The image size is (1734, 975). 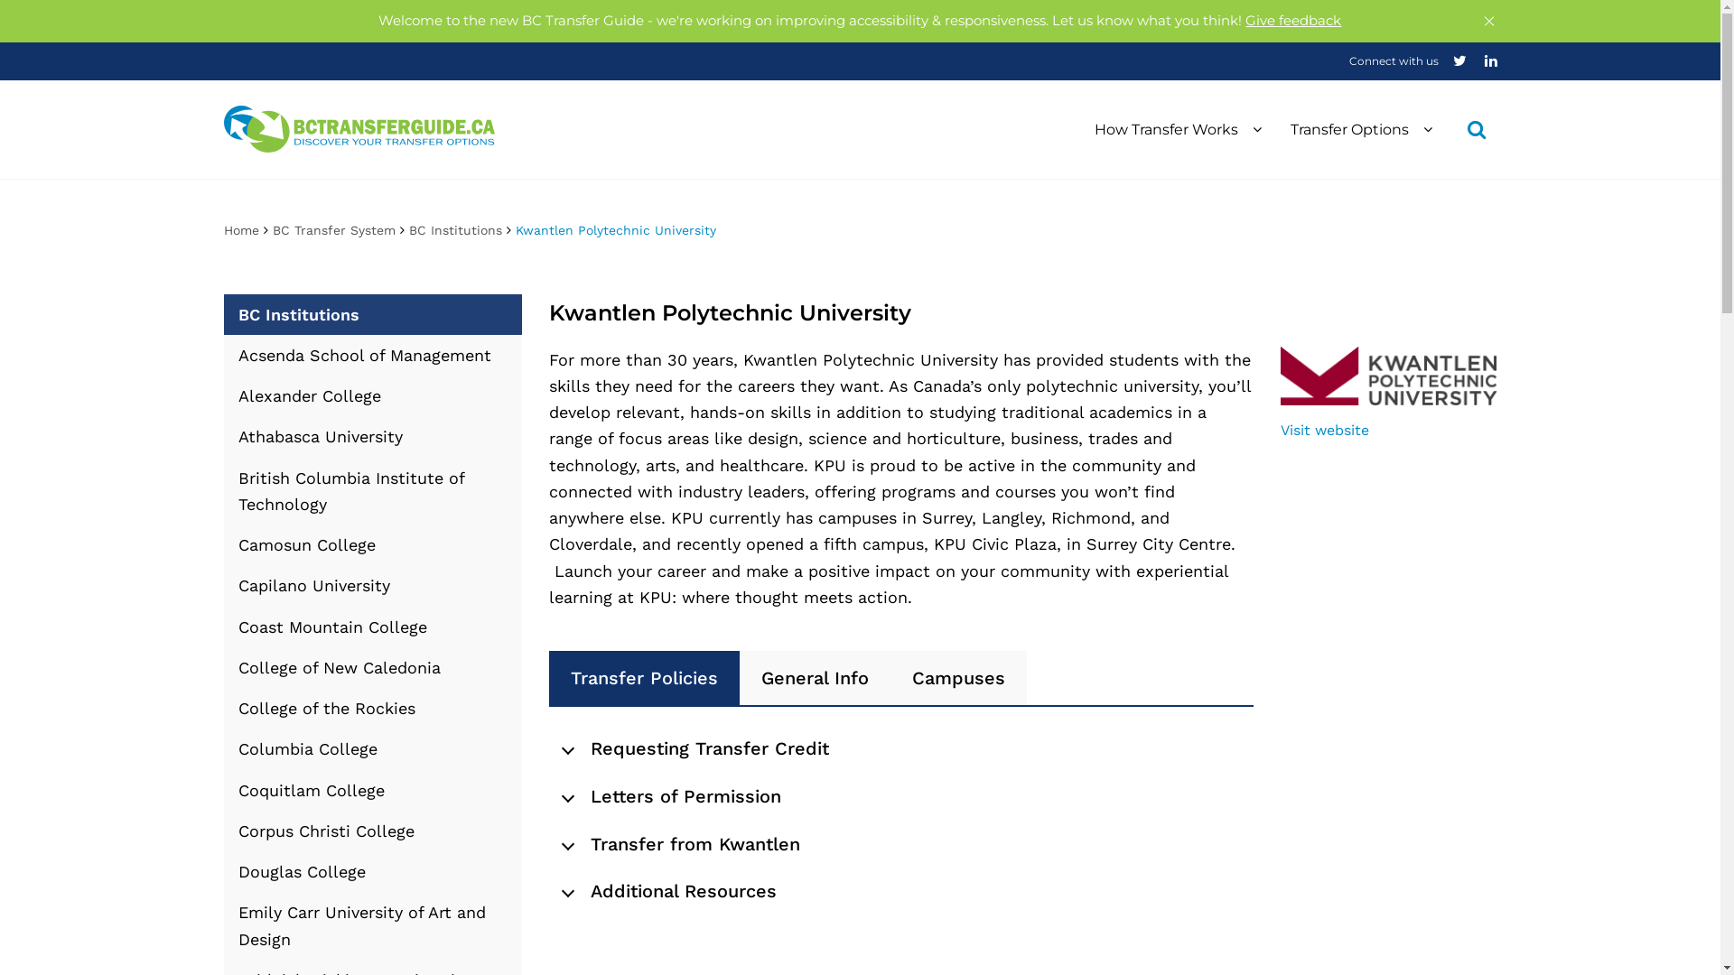 I want to click on 'British Columbia Institute of Technology', so click(x=371, y=490).